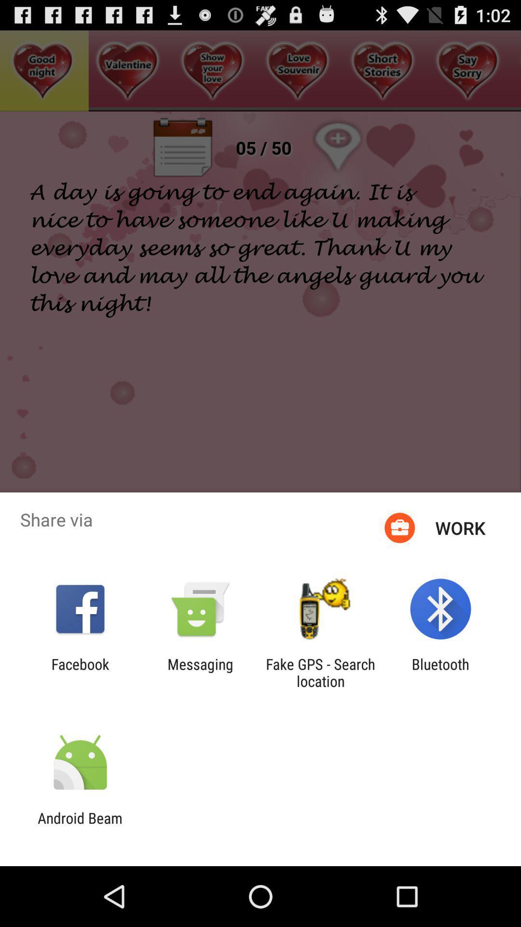 This screenshot has height=927, width=521. I want to click on app to the right of fake gps search item, so click(440, 672).